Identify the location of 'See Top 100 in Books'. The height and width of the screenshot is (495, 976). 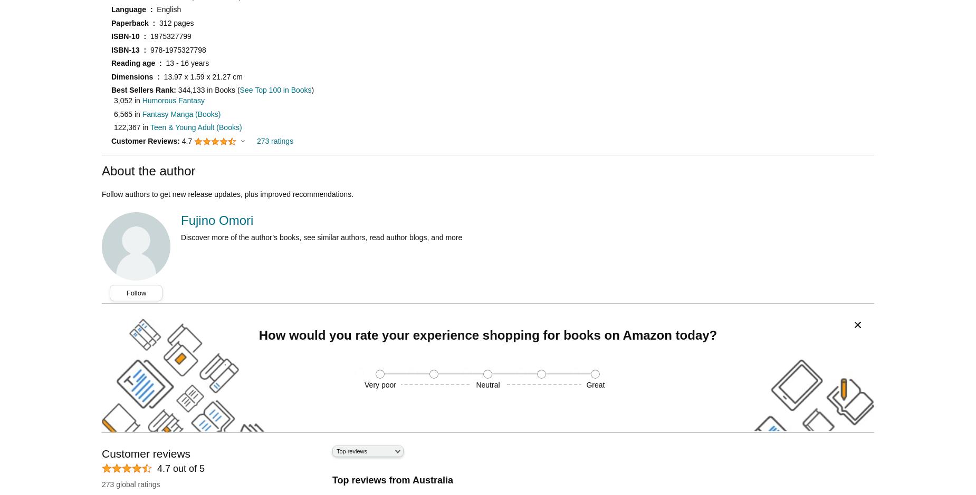
(238, 90).